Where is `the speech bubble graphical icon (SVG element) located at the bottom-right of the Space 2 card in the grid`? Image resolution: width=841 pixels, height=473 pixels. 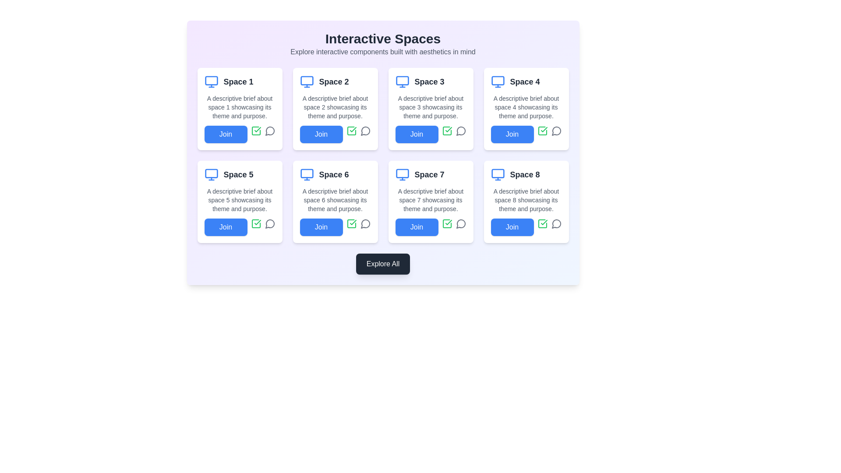
the speech bubble graphical icon (SVG element) located at the bottom-right of the Space 2 card in the grid is located at coordinates (365, 131).